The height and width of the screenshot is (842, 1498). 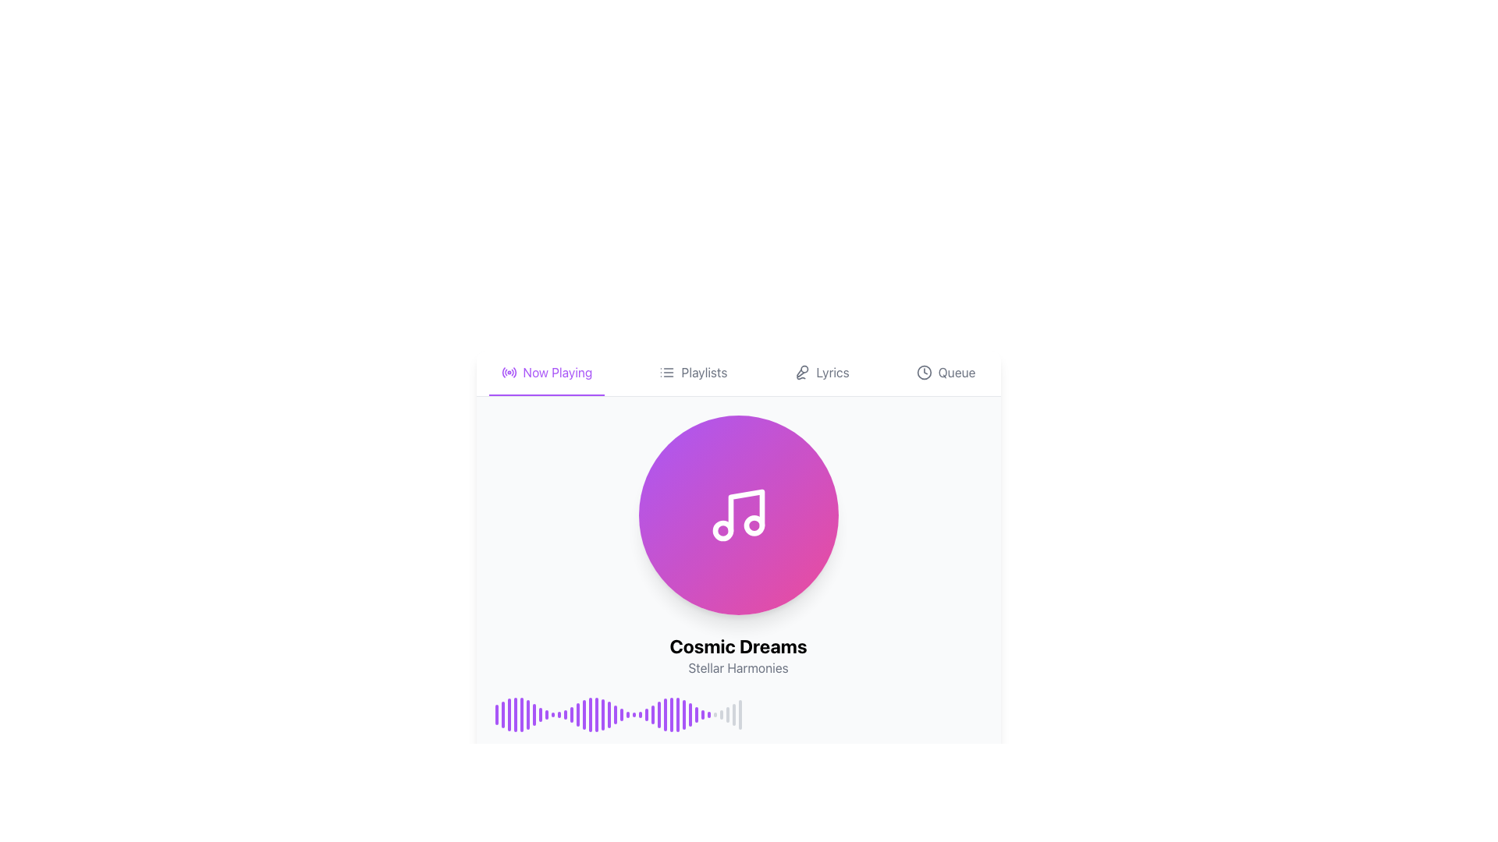 I want to click on the eighth vertical bar of the audio waveform display located beneath the 'Cosmic Dreams' icon and text, so click(x=540, y=715).